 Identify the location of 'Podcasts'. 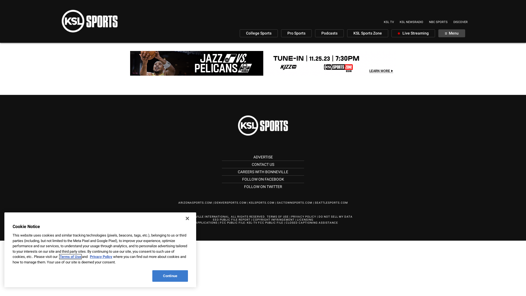
(329, 33).